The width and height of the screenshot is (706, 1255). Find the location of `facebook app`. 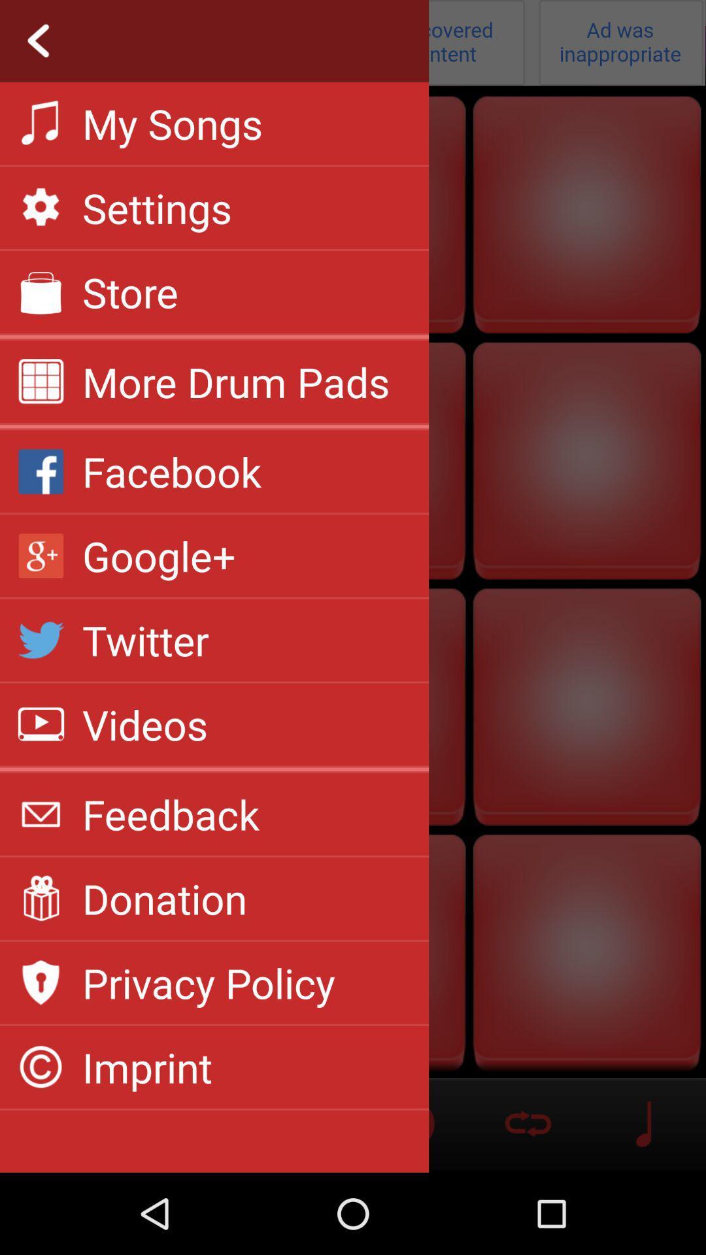

facebook app is located at coordinates (171, 471).